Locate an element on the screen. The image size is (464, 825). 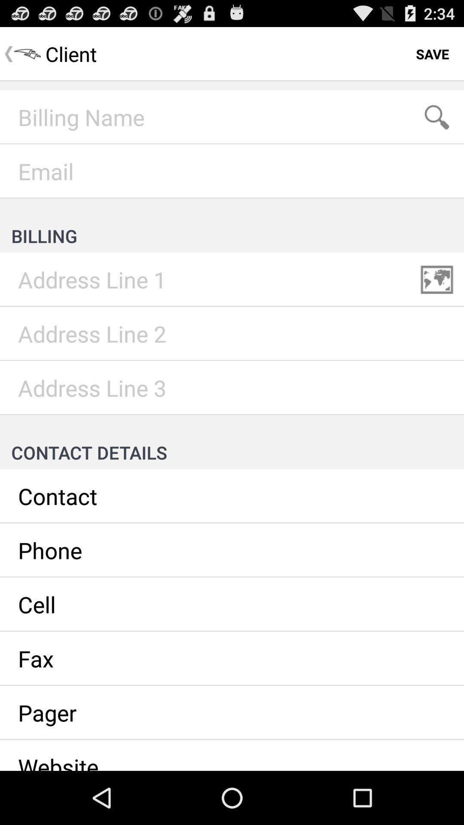
write your second address line is located at coordinates (232, 333).